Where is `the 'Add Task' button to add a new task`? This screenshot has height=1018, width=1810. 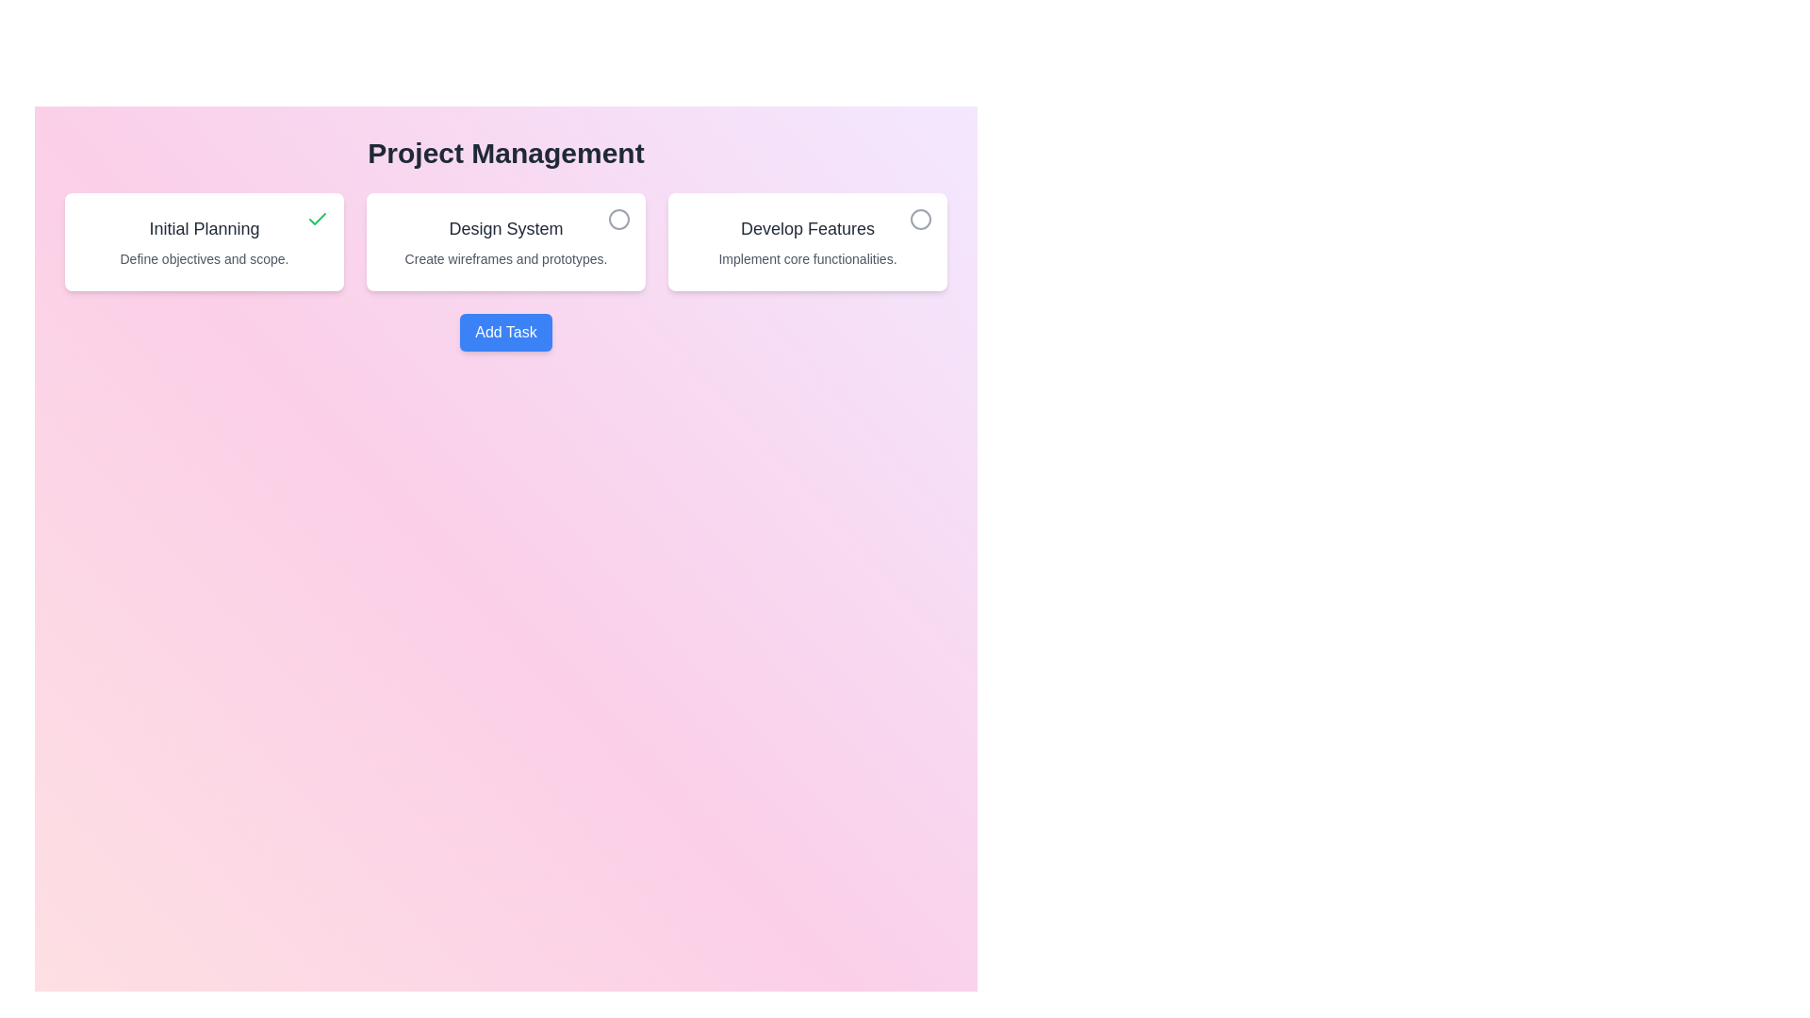
the 'Add Task' button to add a new task is located at coordinates (506, 332).